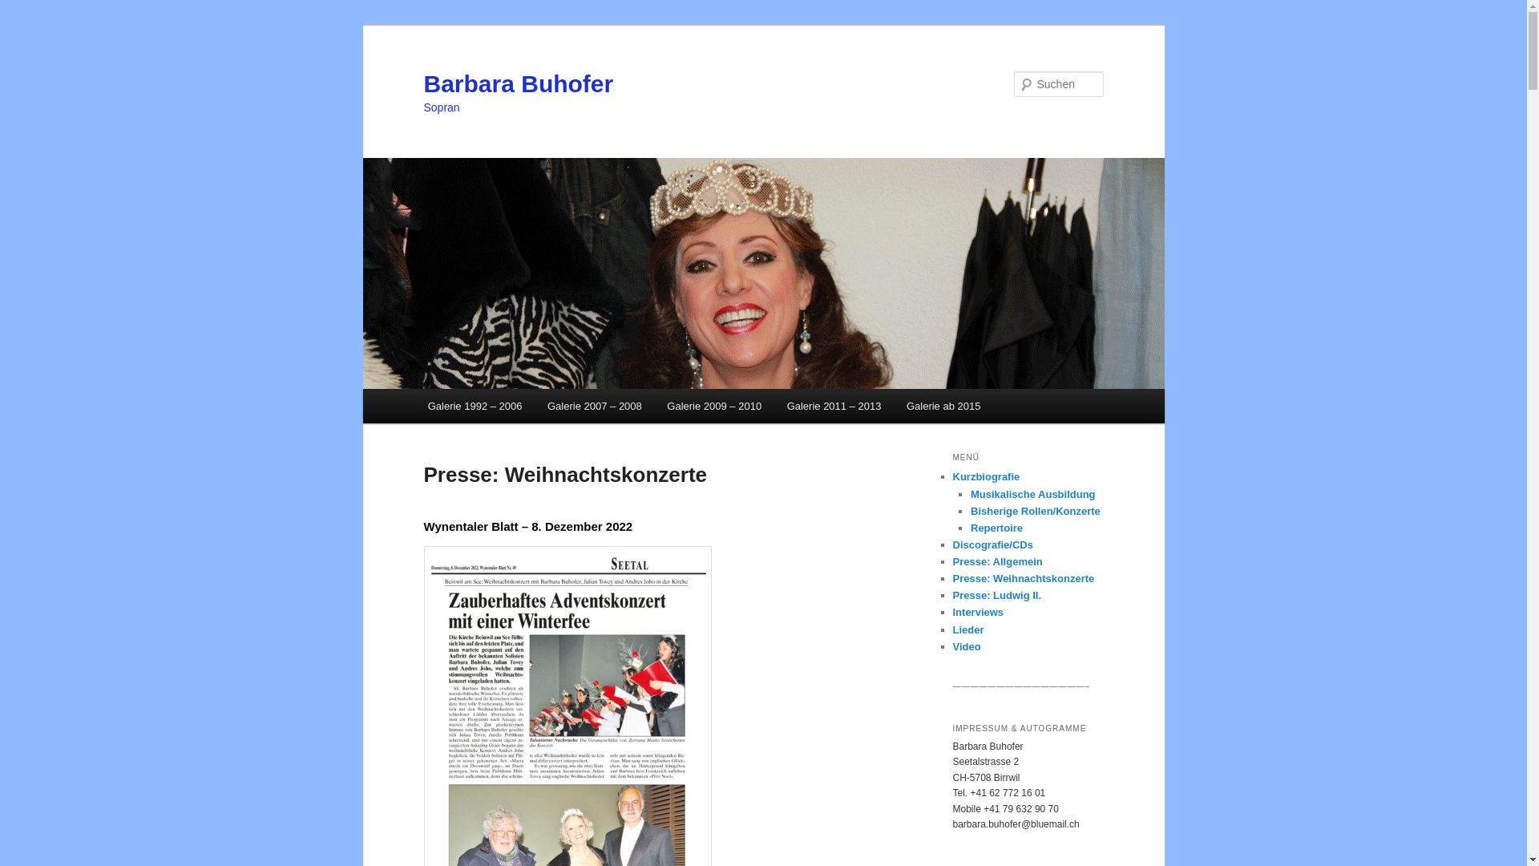  Describe the element at coordinates (952, 645) in the screenshot. I see `'Video'` at that location.